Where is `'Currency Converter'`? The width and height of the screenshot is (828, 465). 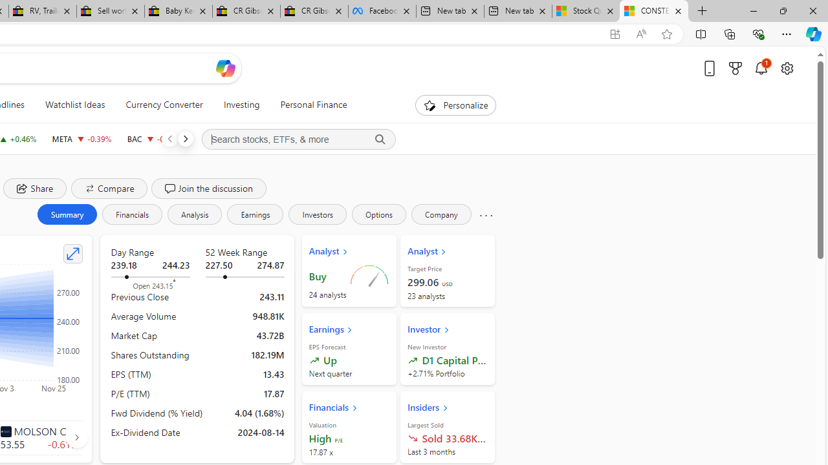 'Currency Converter' is located at coordinates (164, 105).